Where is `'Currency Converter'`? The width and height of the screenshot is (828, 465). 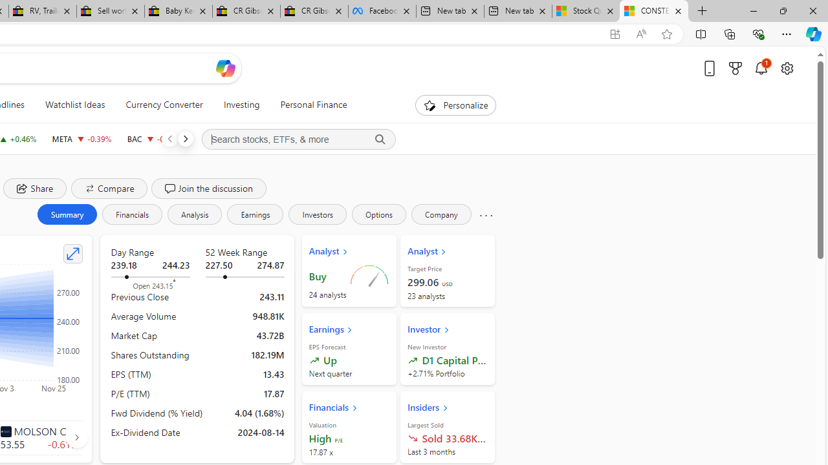 'Currency Converter' is located at coordinates (164, 105).